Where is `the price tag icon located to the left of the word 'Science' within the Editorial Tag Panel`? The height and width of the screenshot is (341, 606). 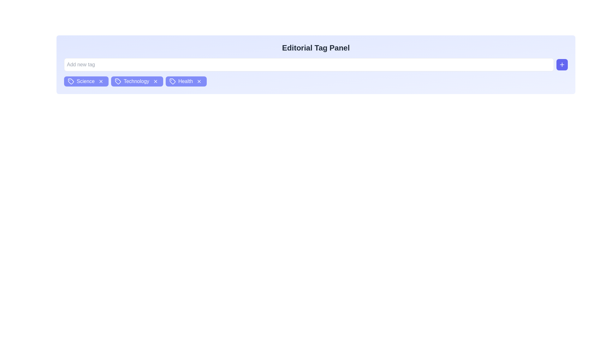
the price tag icon located to the left of the word 'Science' within the Editorial Tag Panel is located at coordinates (71, 81).